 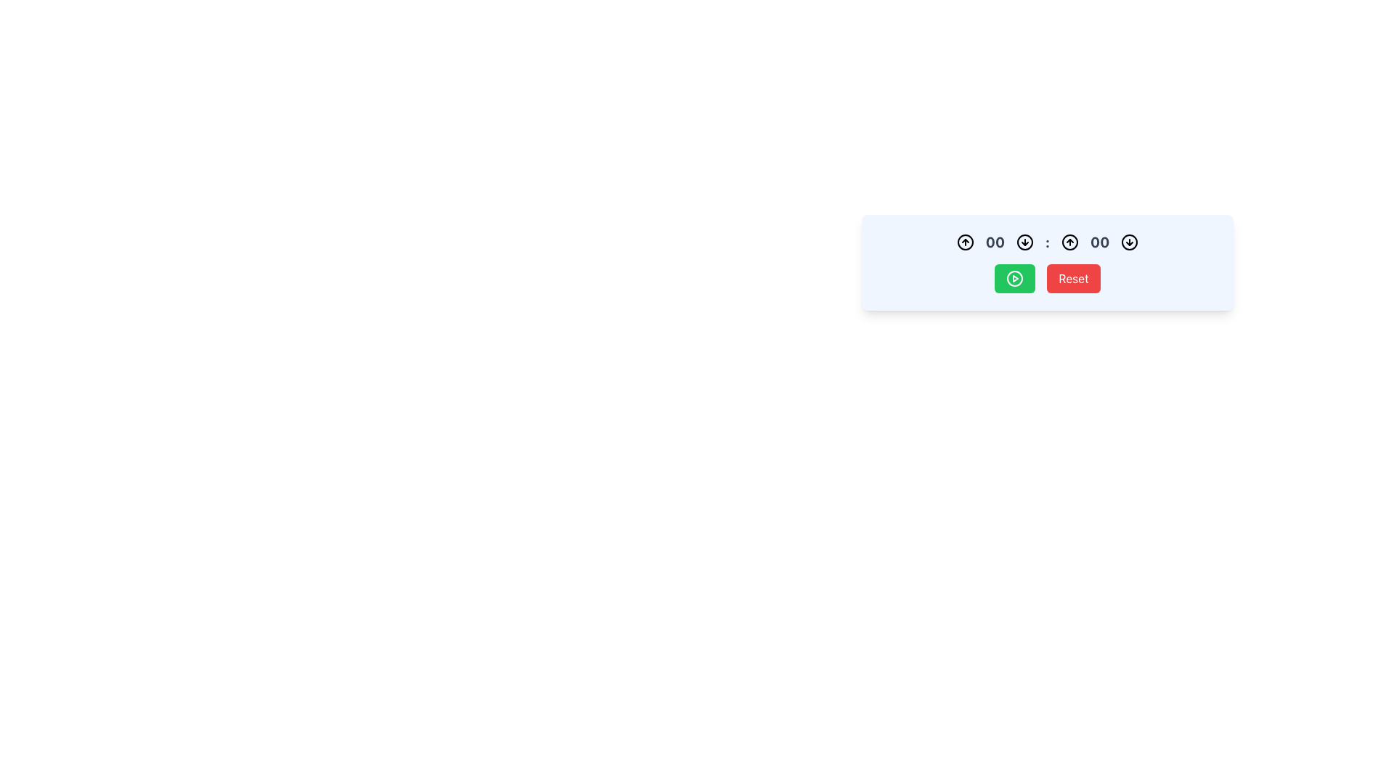 What do you see at coordinates (1048, 263) in the screenshot?
I see `the red rectangular 'Reset' button with white text in the control panel to reset settings or values` at bounding box center [1048, 263].